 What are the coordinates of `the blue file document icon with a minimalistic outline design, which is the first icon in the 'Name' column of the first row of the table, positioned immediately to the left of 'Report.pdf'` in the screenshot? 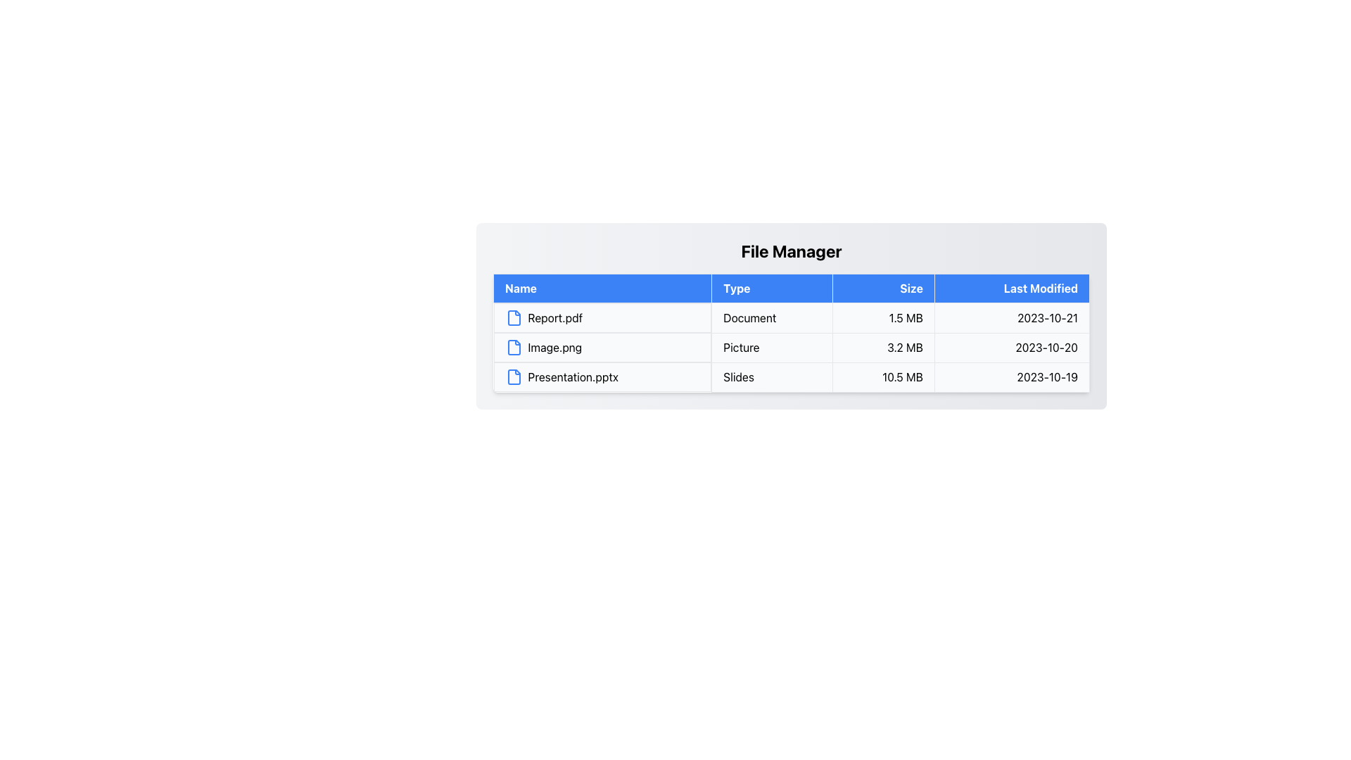 It's located at (513, 317).